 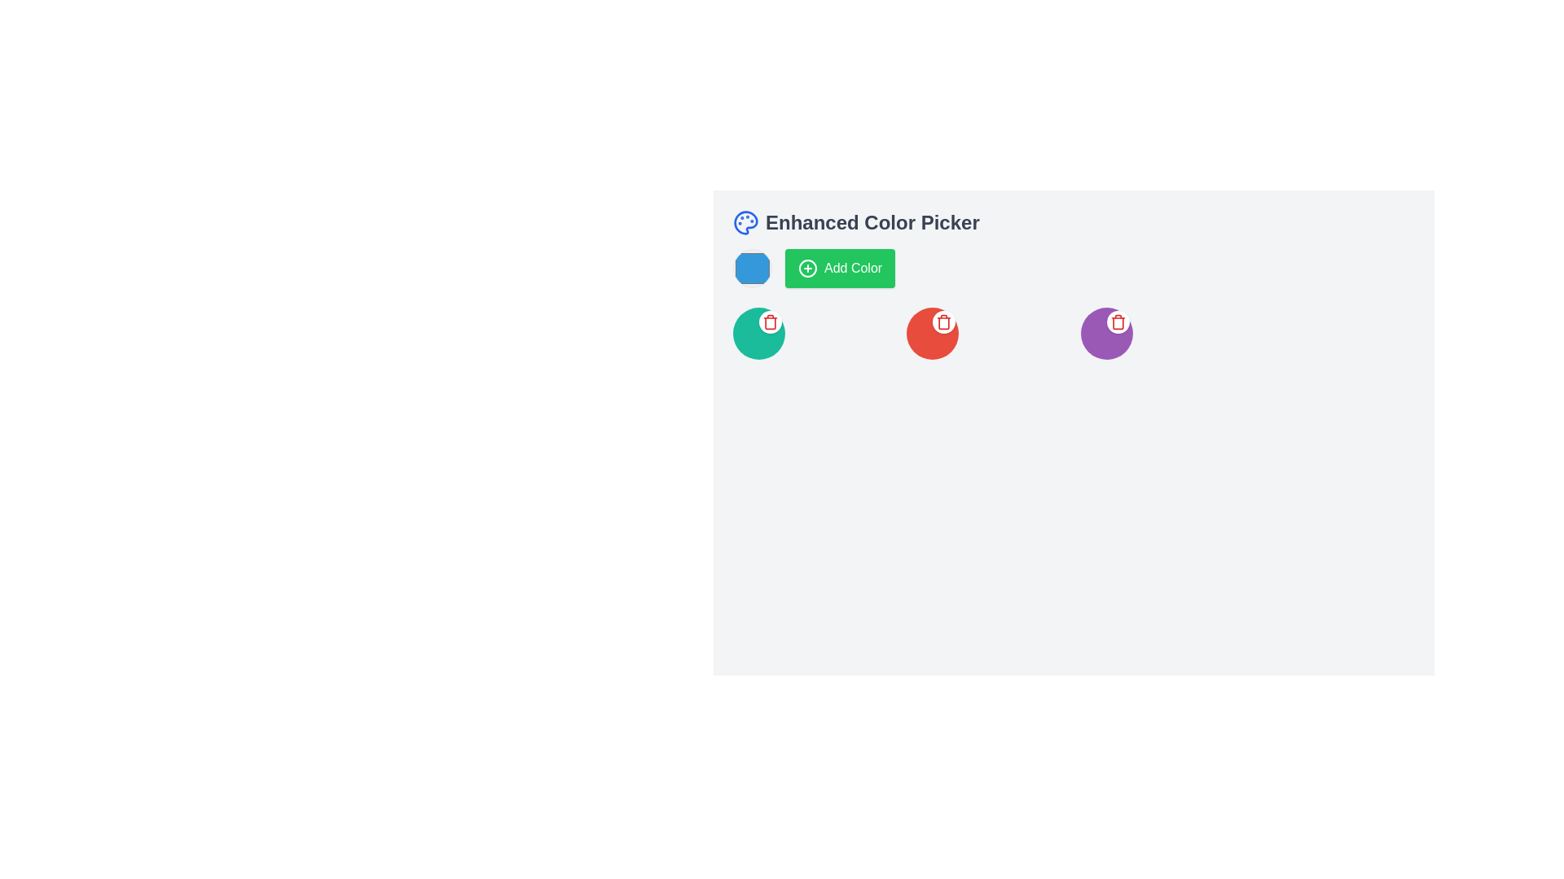 I want to click on the round delete button with a trash can icon, which is white with a red border, located at the top-right side of the purple circular area, so click(x=1117, y=322).